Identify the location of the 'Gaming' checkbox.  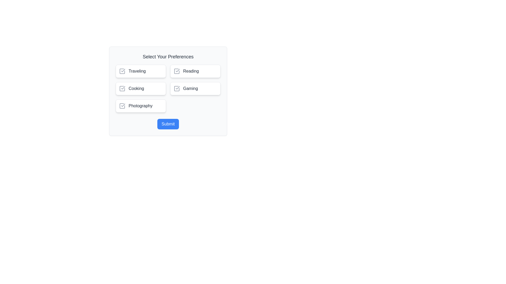
(177, 88).